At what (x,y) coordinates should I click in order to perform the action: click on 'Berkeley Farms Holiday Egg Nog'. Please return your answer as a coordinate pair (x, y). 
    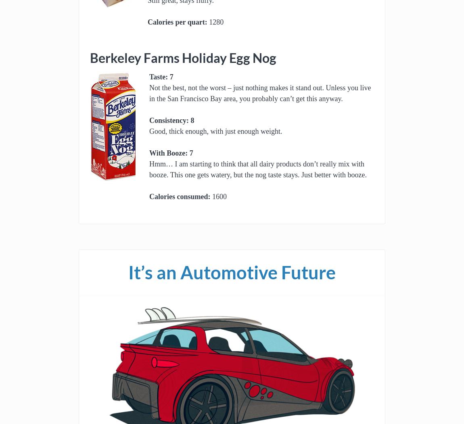
    Looking at the image, I should click on (183, 58).